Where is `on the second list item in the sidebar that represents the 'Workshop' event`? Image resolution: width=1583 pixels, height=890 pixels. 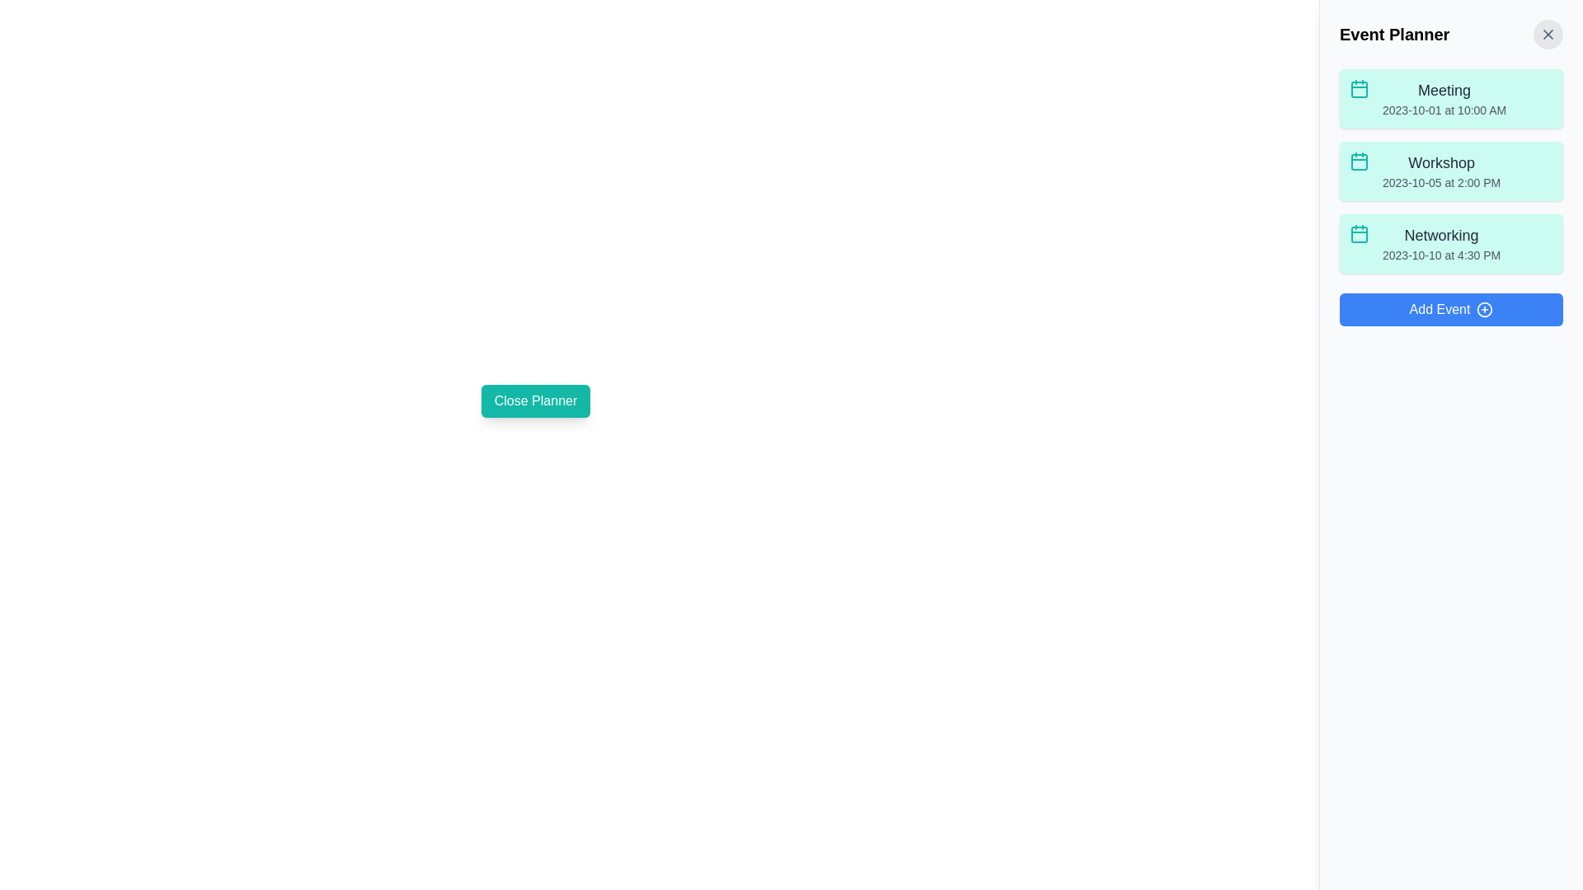 on the second list item in the sidebar that represents the 'Workshop' event is located at coordinates (1451, 171).